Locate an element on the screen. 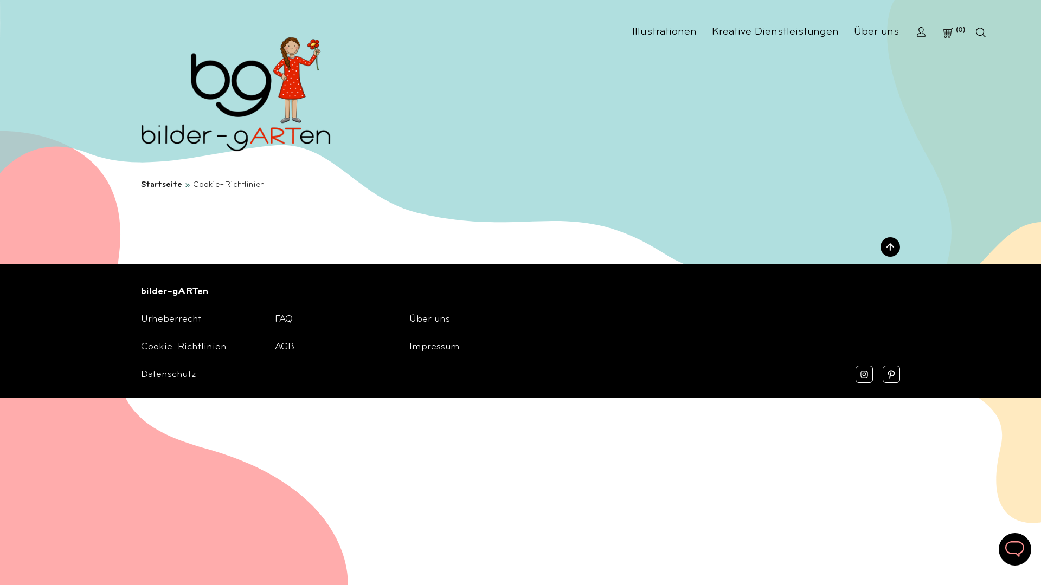 Image resolution: width=1041 pixels, height=585 pixels. 'FAQ' is located at coordinates (284, 319).